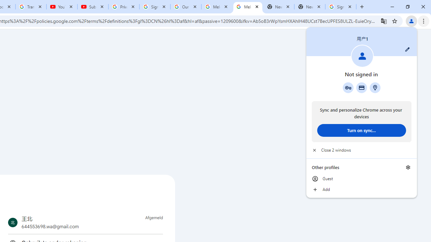  I want to click on 'Addresses and more', so click(375, 87).